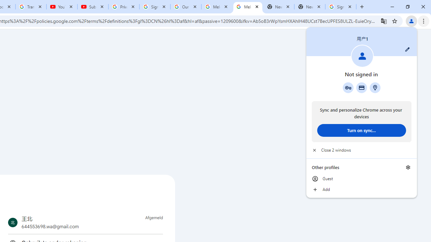  I want to click on 'Addresses and more', so click(375, 87).